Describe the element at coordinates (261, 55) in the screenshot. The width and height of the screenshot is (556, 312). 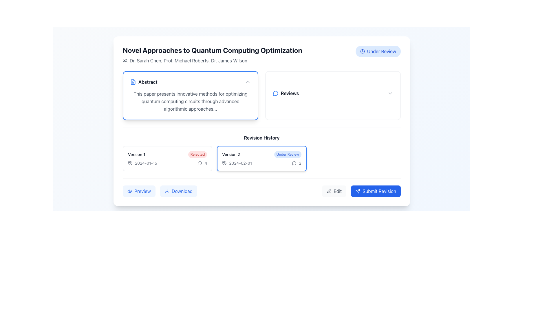
I see `the Header Section that displays the title in bold text and includes the 'Under Review' label` at that location.